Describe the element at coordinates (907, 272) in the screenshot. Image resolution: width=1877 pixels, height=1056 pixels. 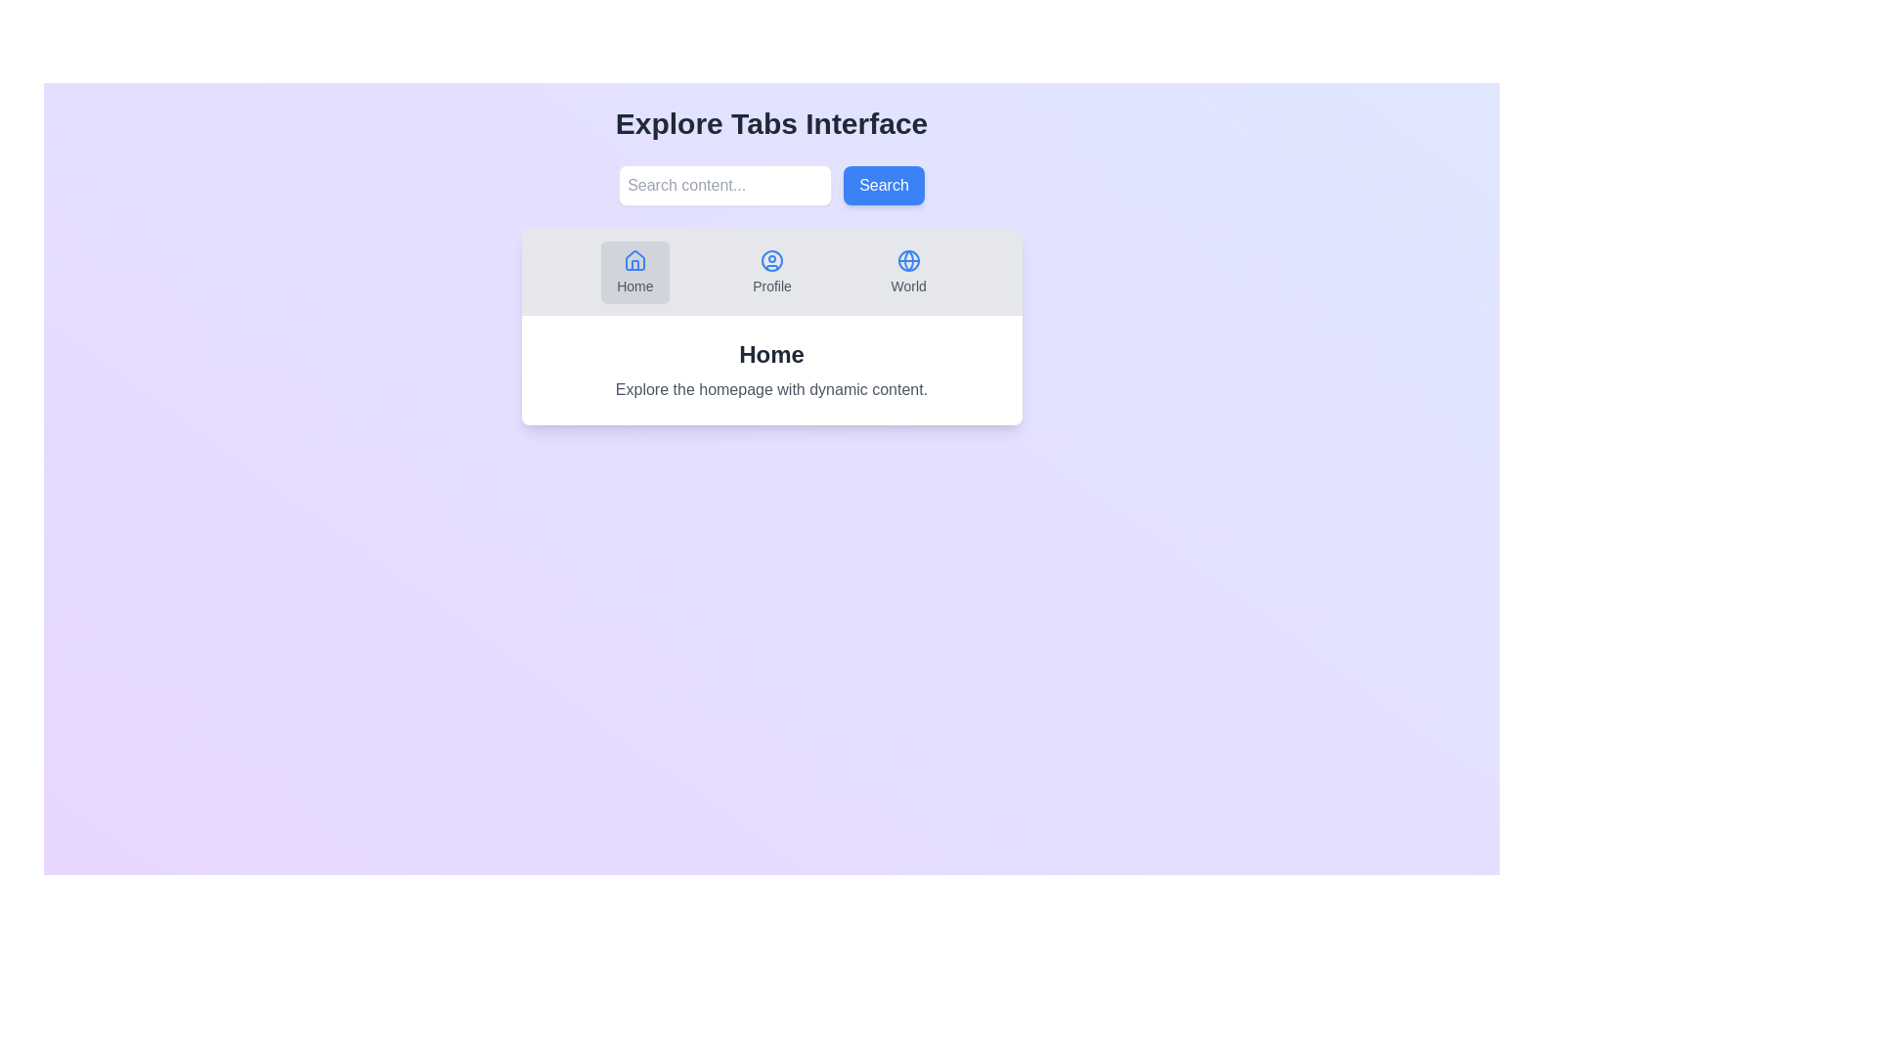
I see `the World tab` at that location.